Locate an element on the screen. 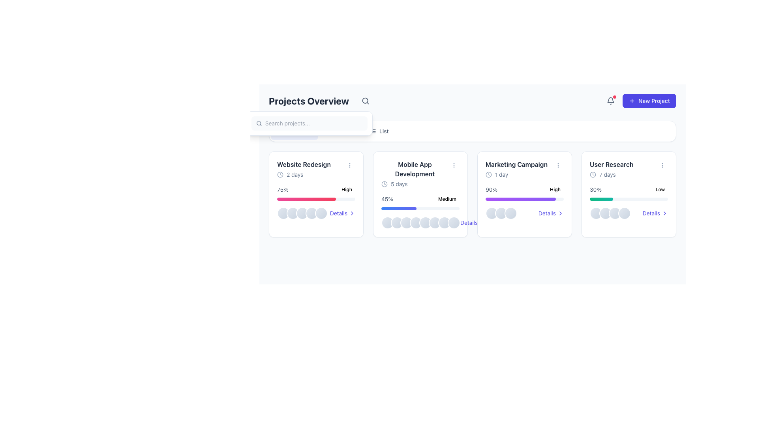 Image resolution: width=758 pixels, height=426 pixels. the 'Details' text link located in the bottom-right section of the 'Website Redesign' card is located at coordinates (338, 213).